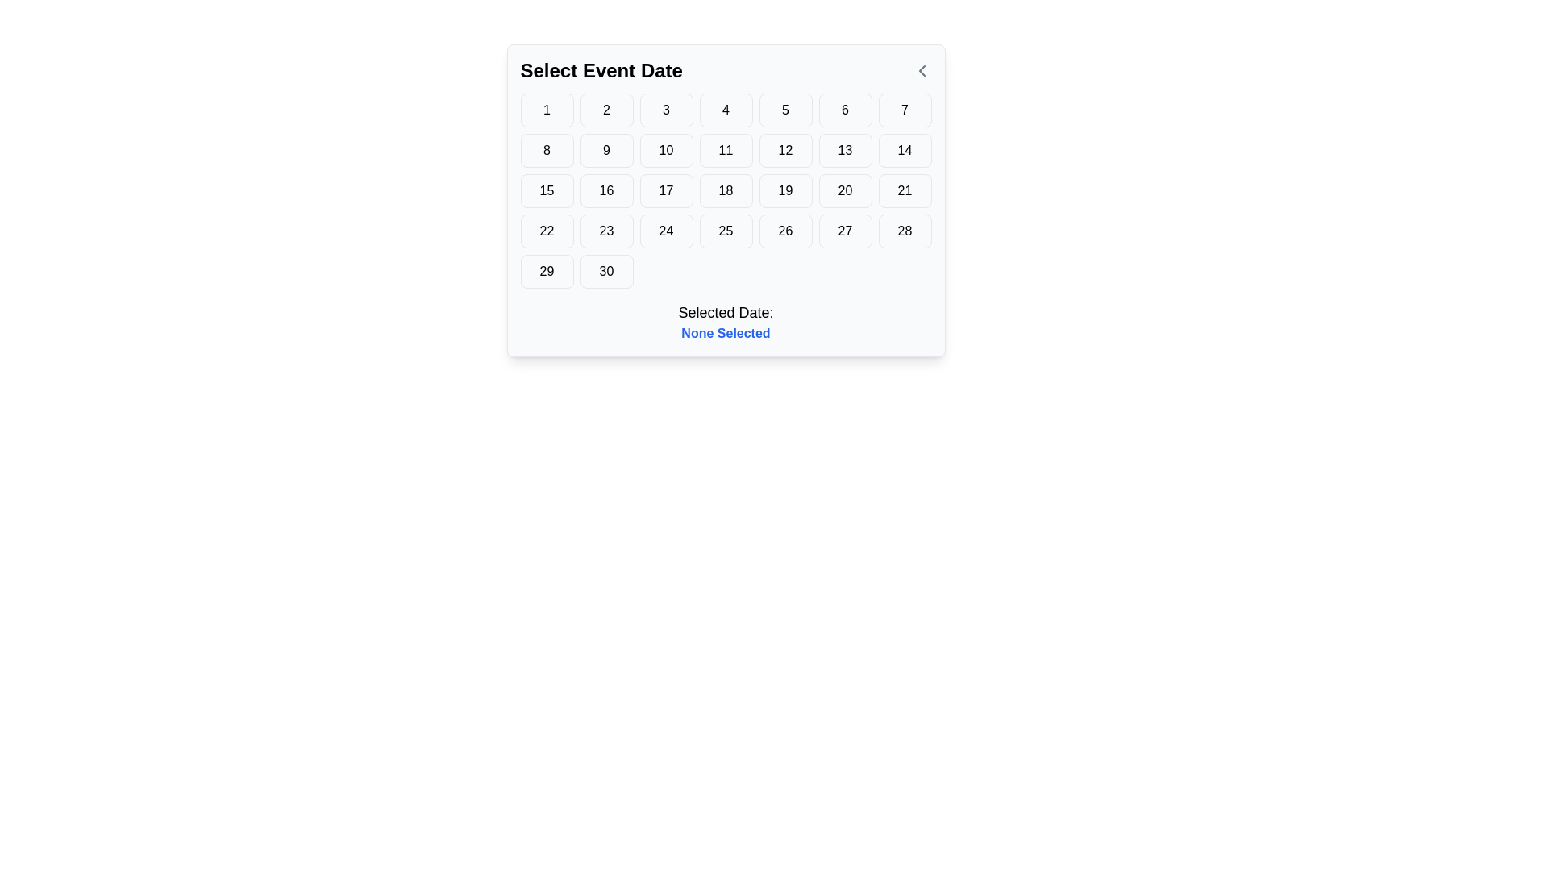 The height and width of the screenshot is (871, 1548). I want to click on the Text Display element that shows 'Selected Date:' and 'None Selected', which is positioned beneath a grid of selectable dates, so click(725, 323).